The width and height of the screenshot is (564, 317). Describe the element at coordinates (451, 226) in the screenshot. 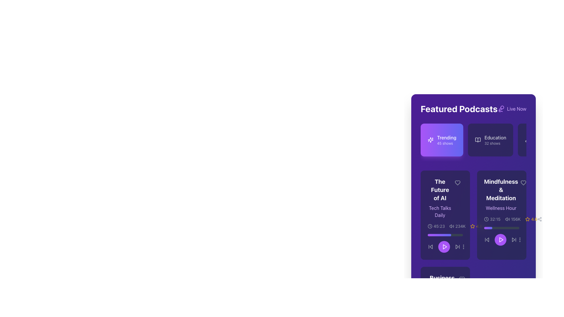

I see `the audio-related icon located to the left of the text '234K' under the title 'The Future of AI'` at that location.